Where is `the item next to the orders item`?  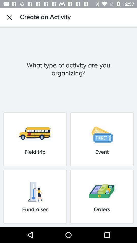 the item next to the orders item is located at coordinates (35, 196).